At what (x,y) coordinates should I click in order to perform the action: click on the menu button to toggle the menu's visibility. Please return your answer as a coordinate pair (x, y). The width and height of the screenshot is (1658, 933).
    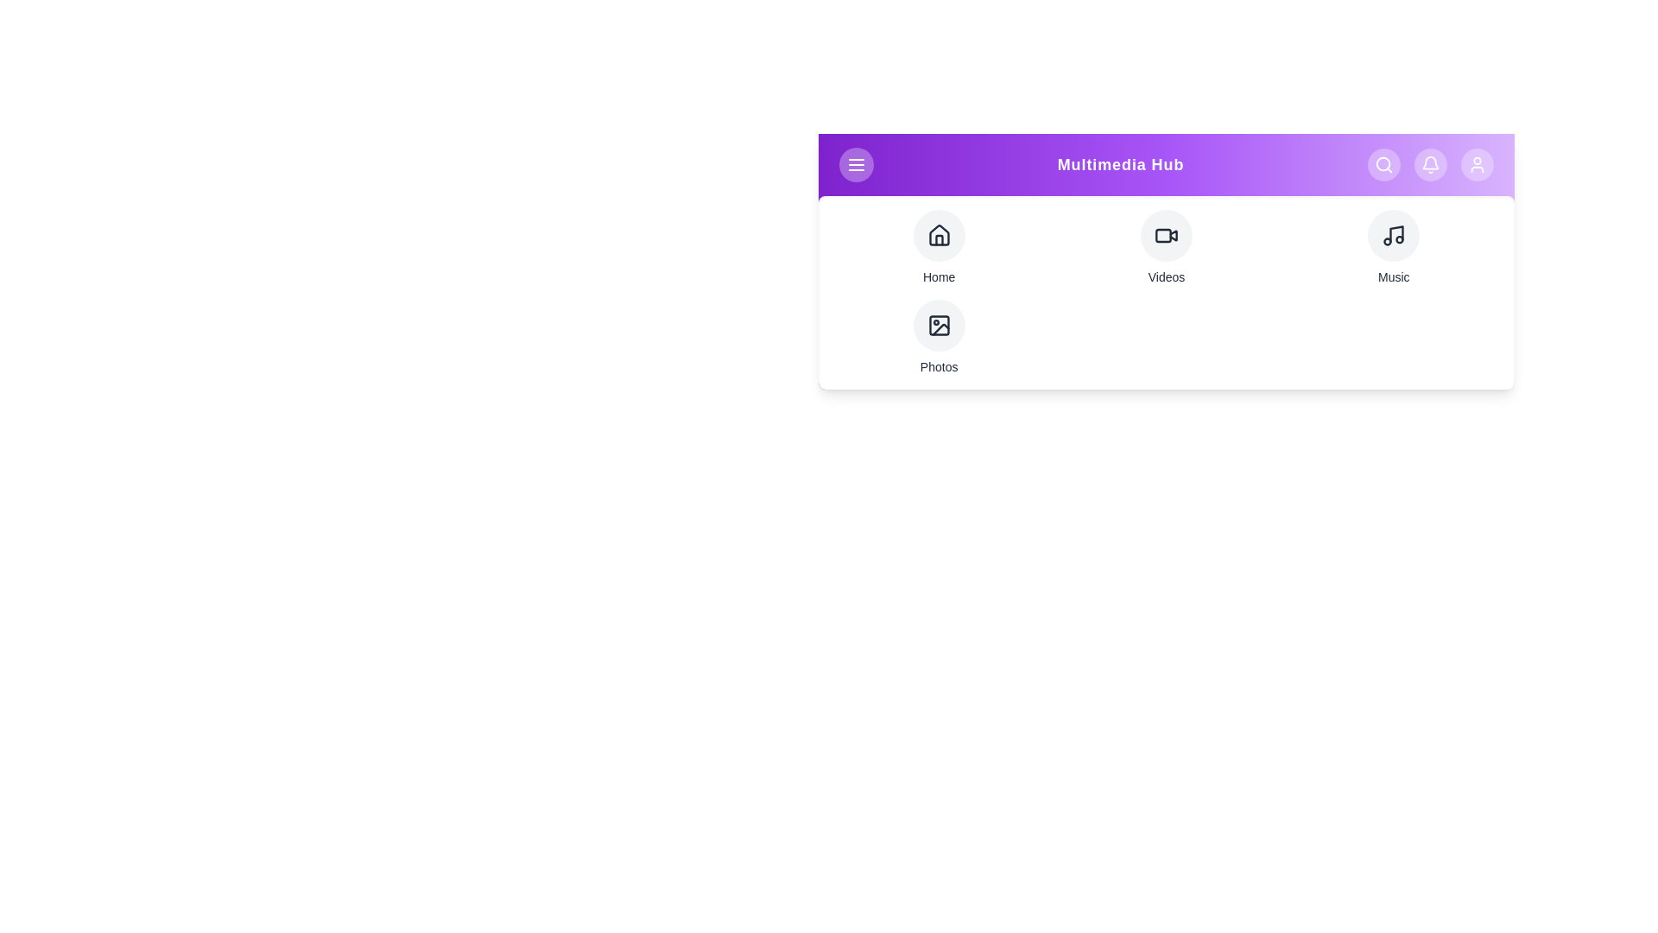
    Looking at the image, I should click on (857, 165).